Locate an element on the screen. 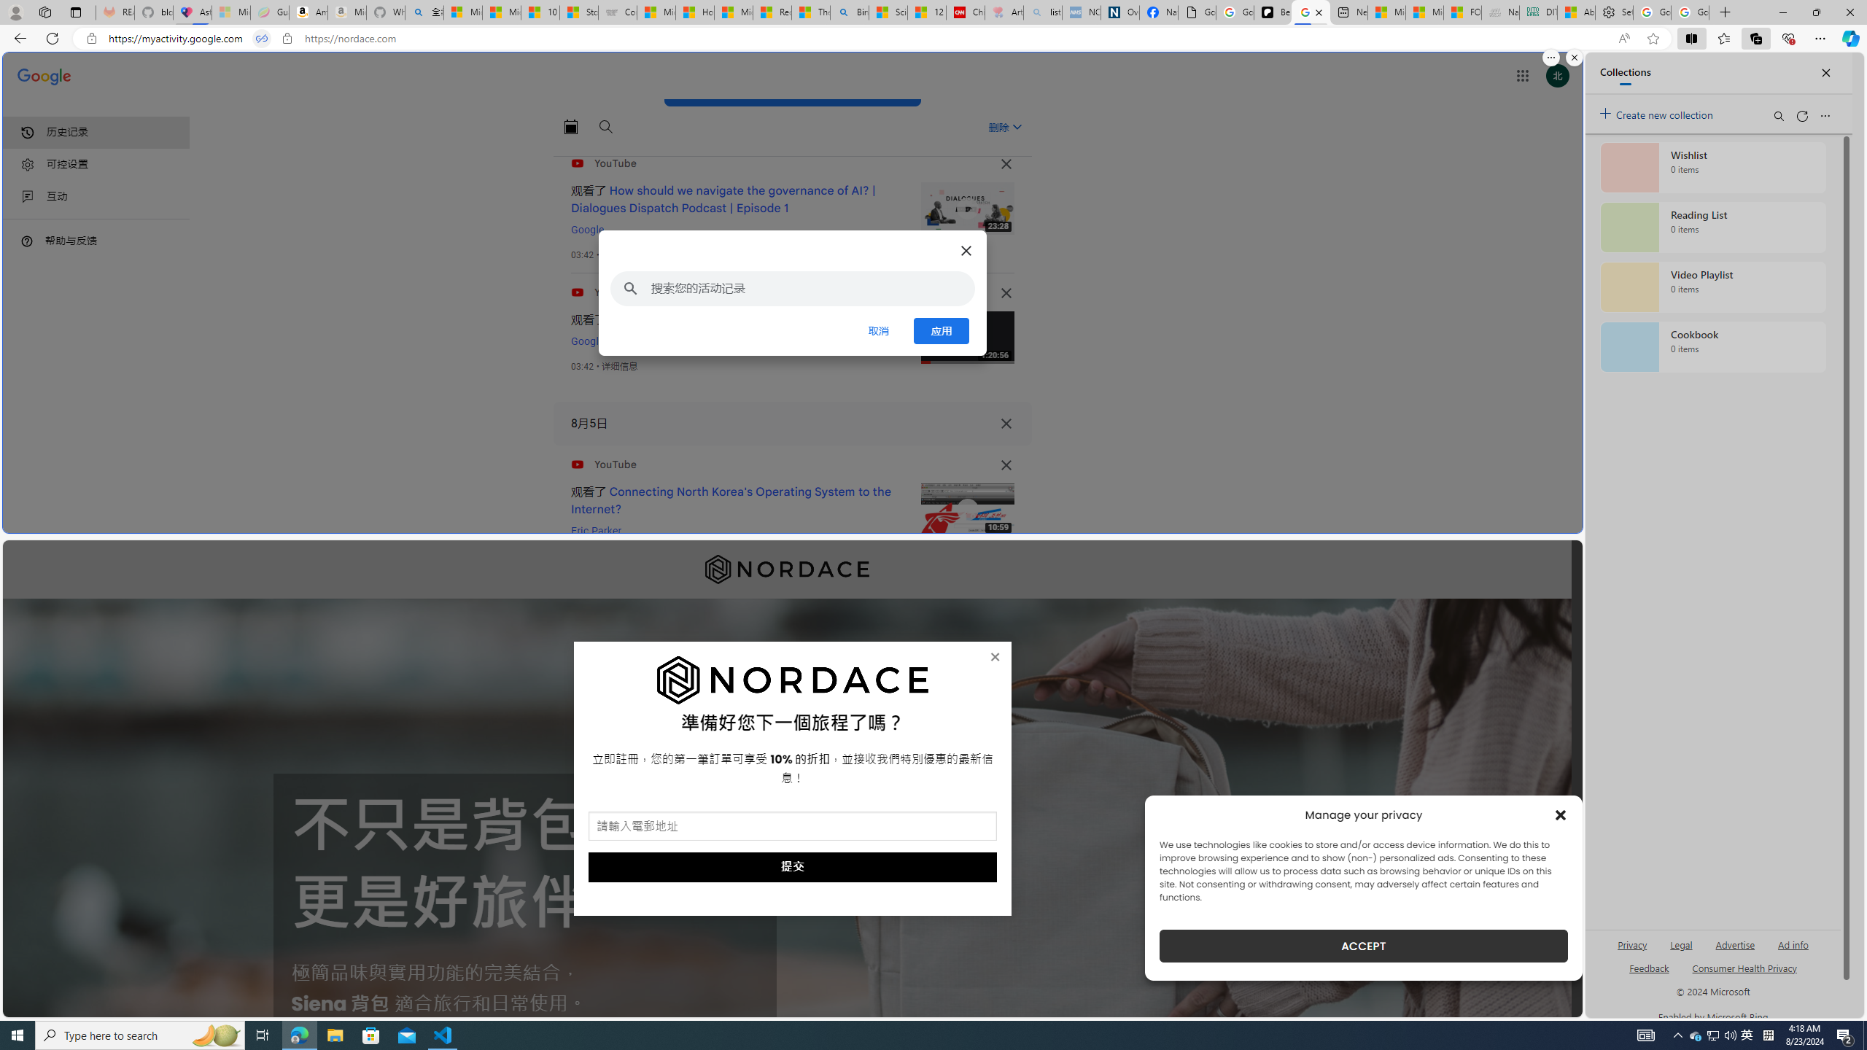 The image size is (1867, 1050). 'Connecting North Korea' is located at coordinates (731, 499).